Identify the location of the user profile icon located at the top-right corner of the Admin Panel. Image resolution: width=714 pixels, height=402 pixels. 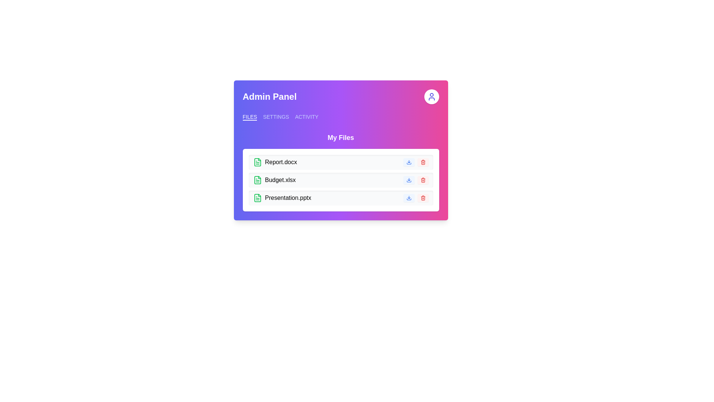
(431, 96).